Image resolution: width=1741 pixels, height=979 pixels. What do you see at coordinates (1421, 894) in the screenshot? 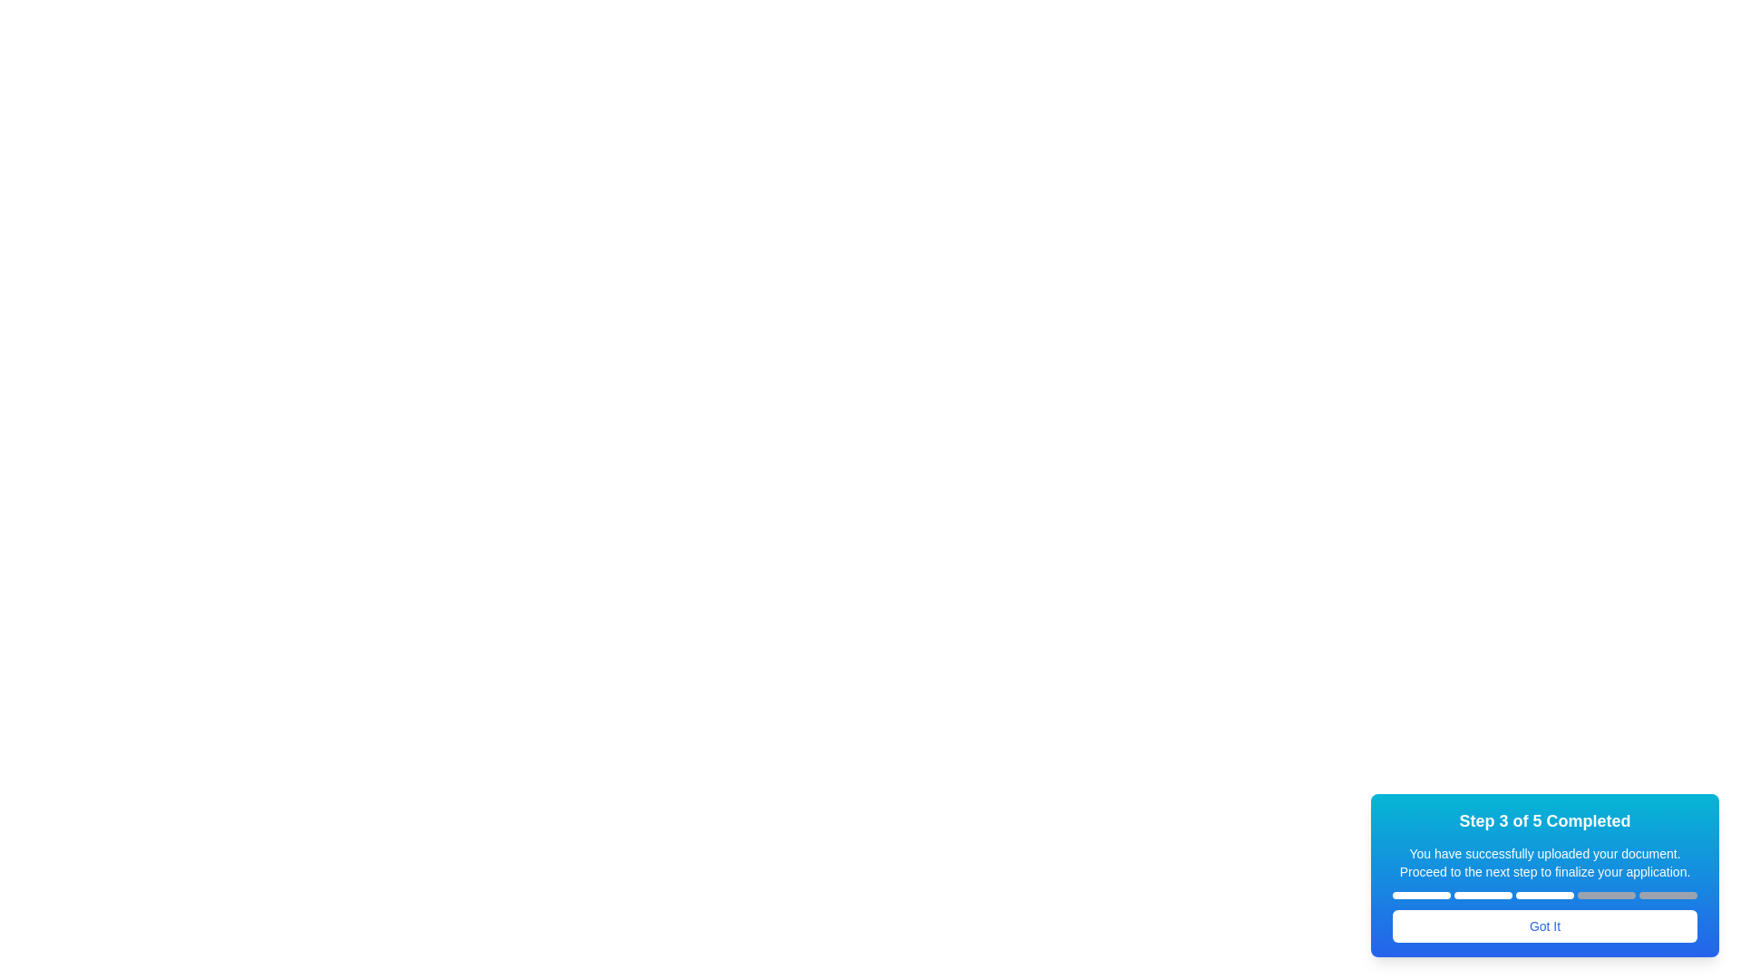
I see `the first completed step in the visual progress bar located in the bottom-right section of the interface` at bounding box center [1421, 894].